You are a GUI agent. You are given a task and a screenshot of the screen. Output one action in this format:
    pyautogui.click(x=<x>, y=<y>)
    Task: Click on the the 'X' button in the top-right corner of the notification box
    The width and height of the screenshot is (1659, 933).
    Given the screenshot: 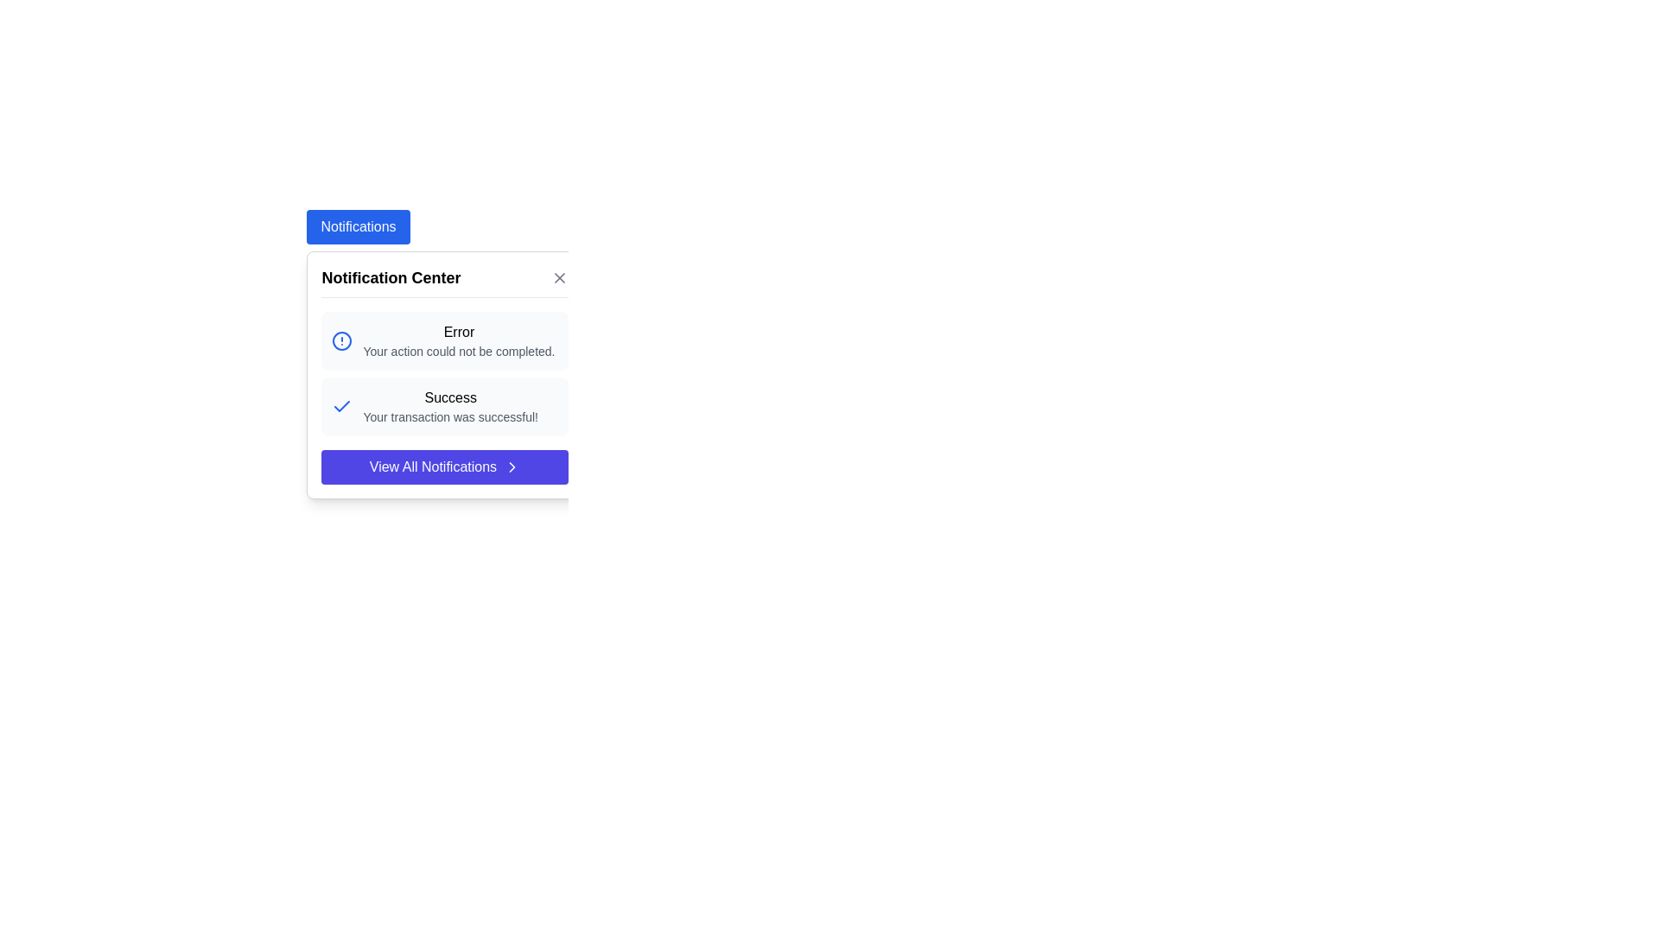 What is the action you would take?
    pyautogui.click(x=560, y=276)
    